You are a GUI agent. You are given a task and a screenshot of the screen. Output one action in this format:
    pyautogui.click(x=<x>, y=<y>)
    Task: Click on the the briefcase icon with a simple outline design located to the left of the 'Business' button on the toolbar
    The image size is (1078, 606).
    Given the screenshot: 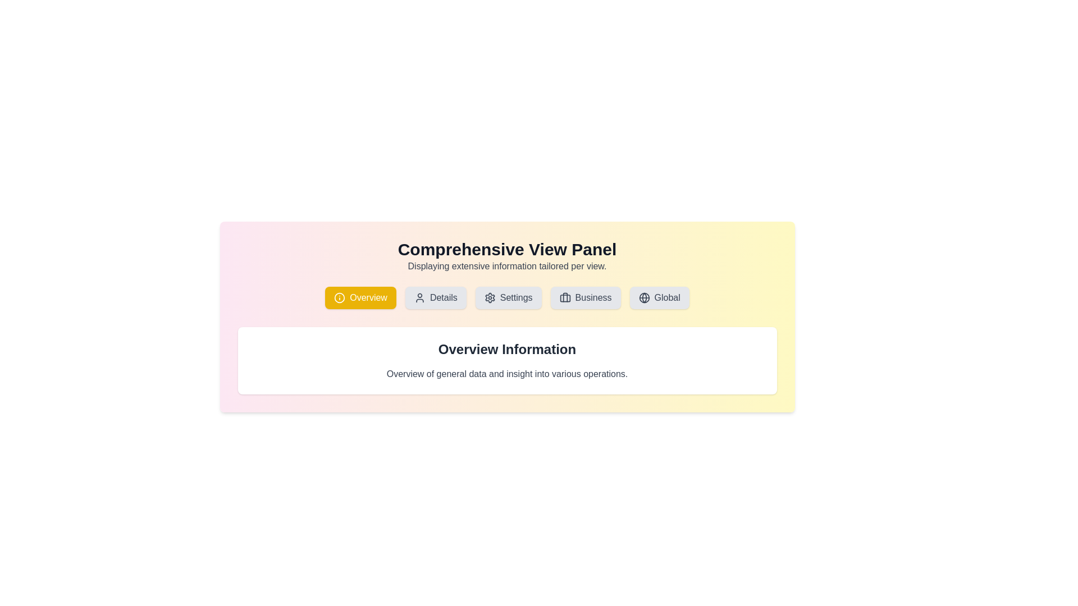 What is the action you would take?
    pyautogui.click(x=565, y=297)
    